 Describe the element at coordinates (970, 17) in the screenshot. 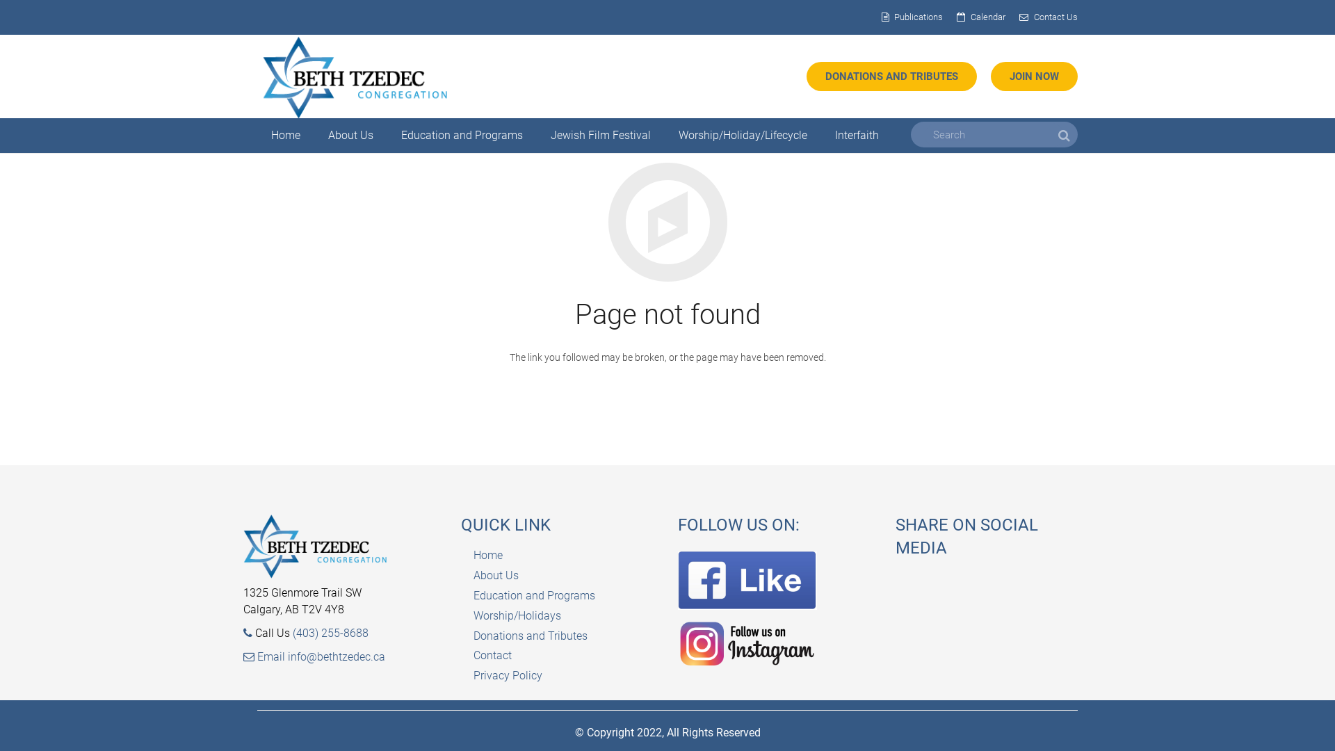

I see `'Calendar'` at that location.